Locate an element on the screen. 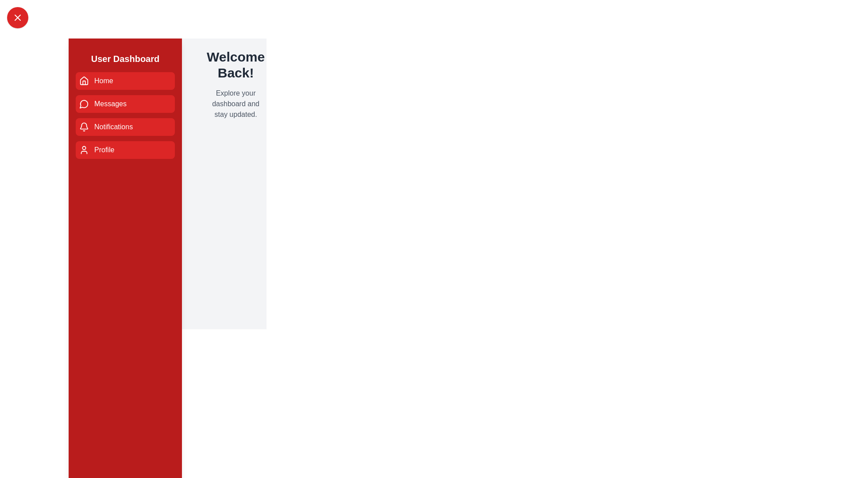 This screenshot has height=478, width=850. the menu item Profile in the sidebar drawer is located at coordinates (125, 150).